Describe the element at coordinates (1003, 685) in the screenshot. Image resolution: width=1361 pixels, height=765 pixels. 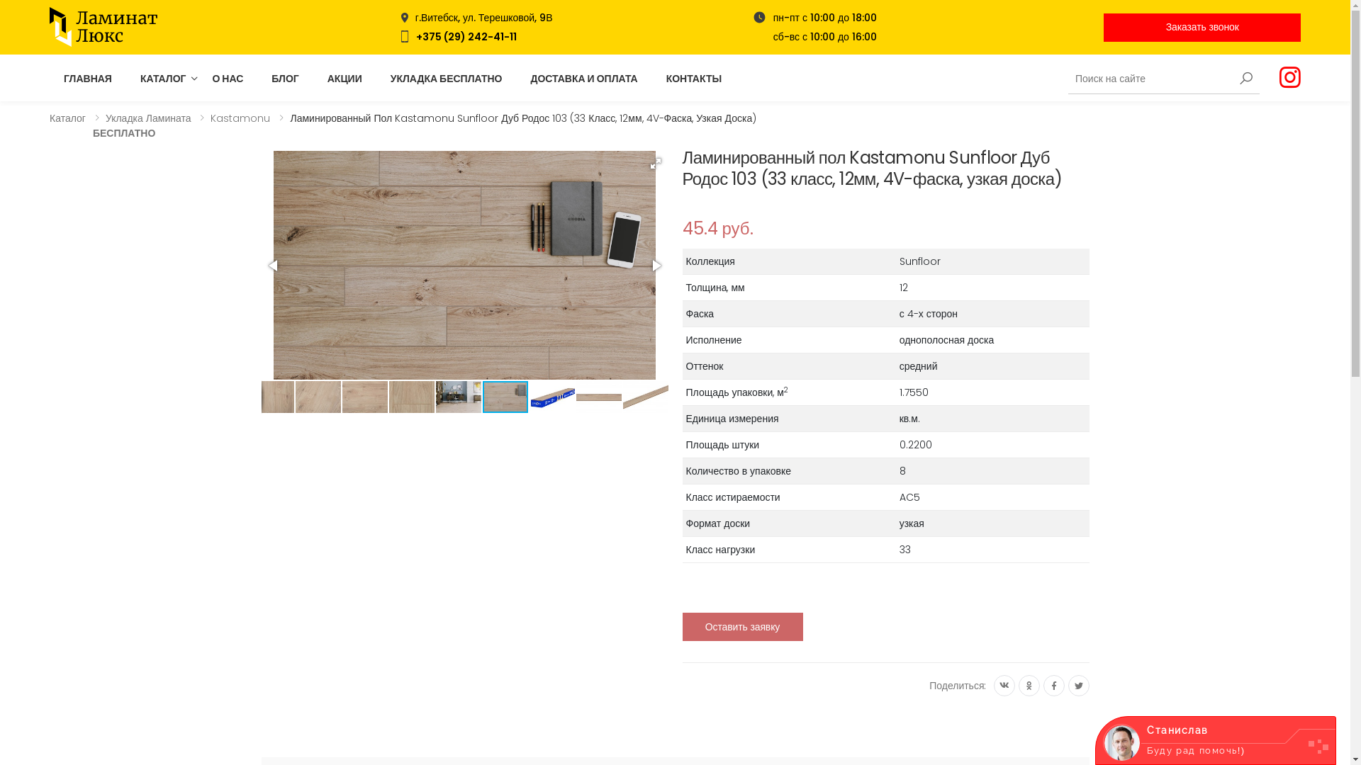
I see `'vk'` at that location.